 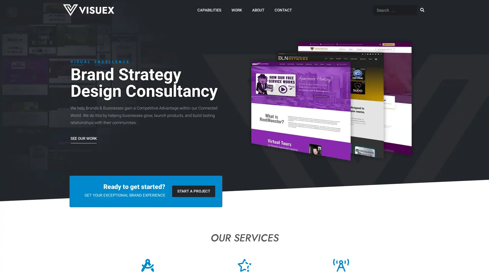 What do you see at coordinates (193, 191) in the screenshot?
I see `START A PROJECT` at bounding box center [193, 191].